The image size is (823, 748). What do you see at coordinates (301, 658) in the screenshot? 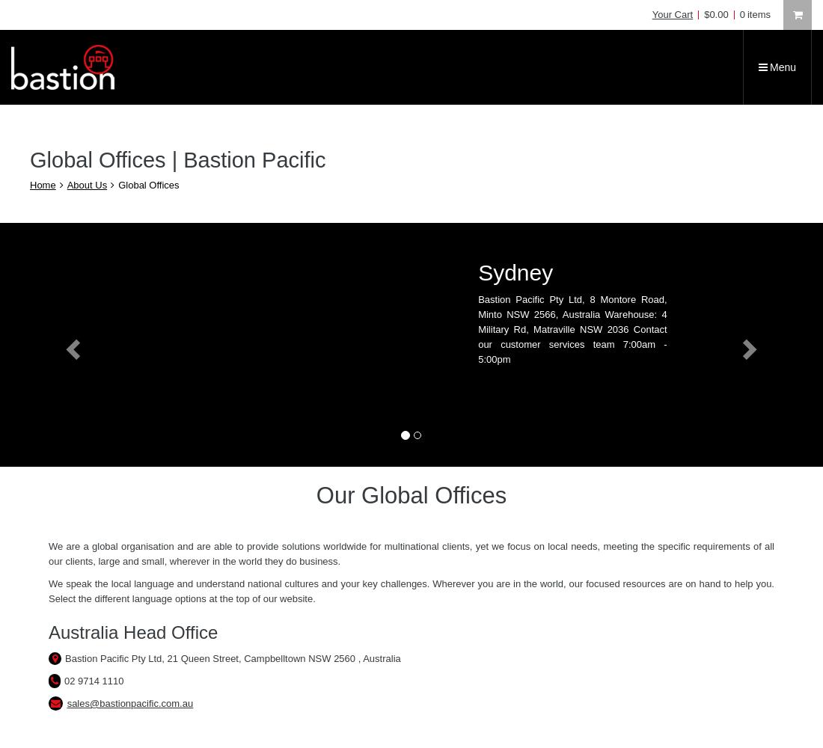
I see `'Campbelltown NSW 2560'` at bounding box center [301, 658].